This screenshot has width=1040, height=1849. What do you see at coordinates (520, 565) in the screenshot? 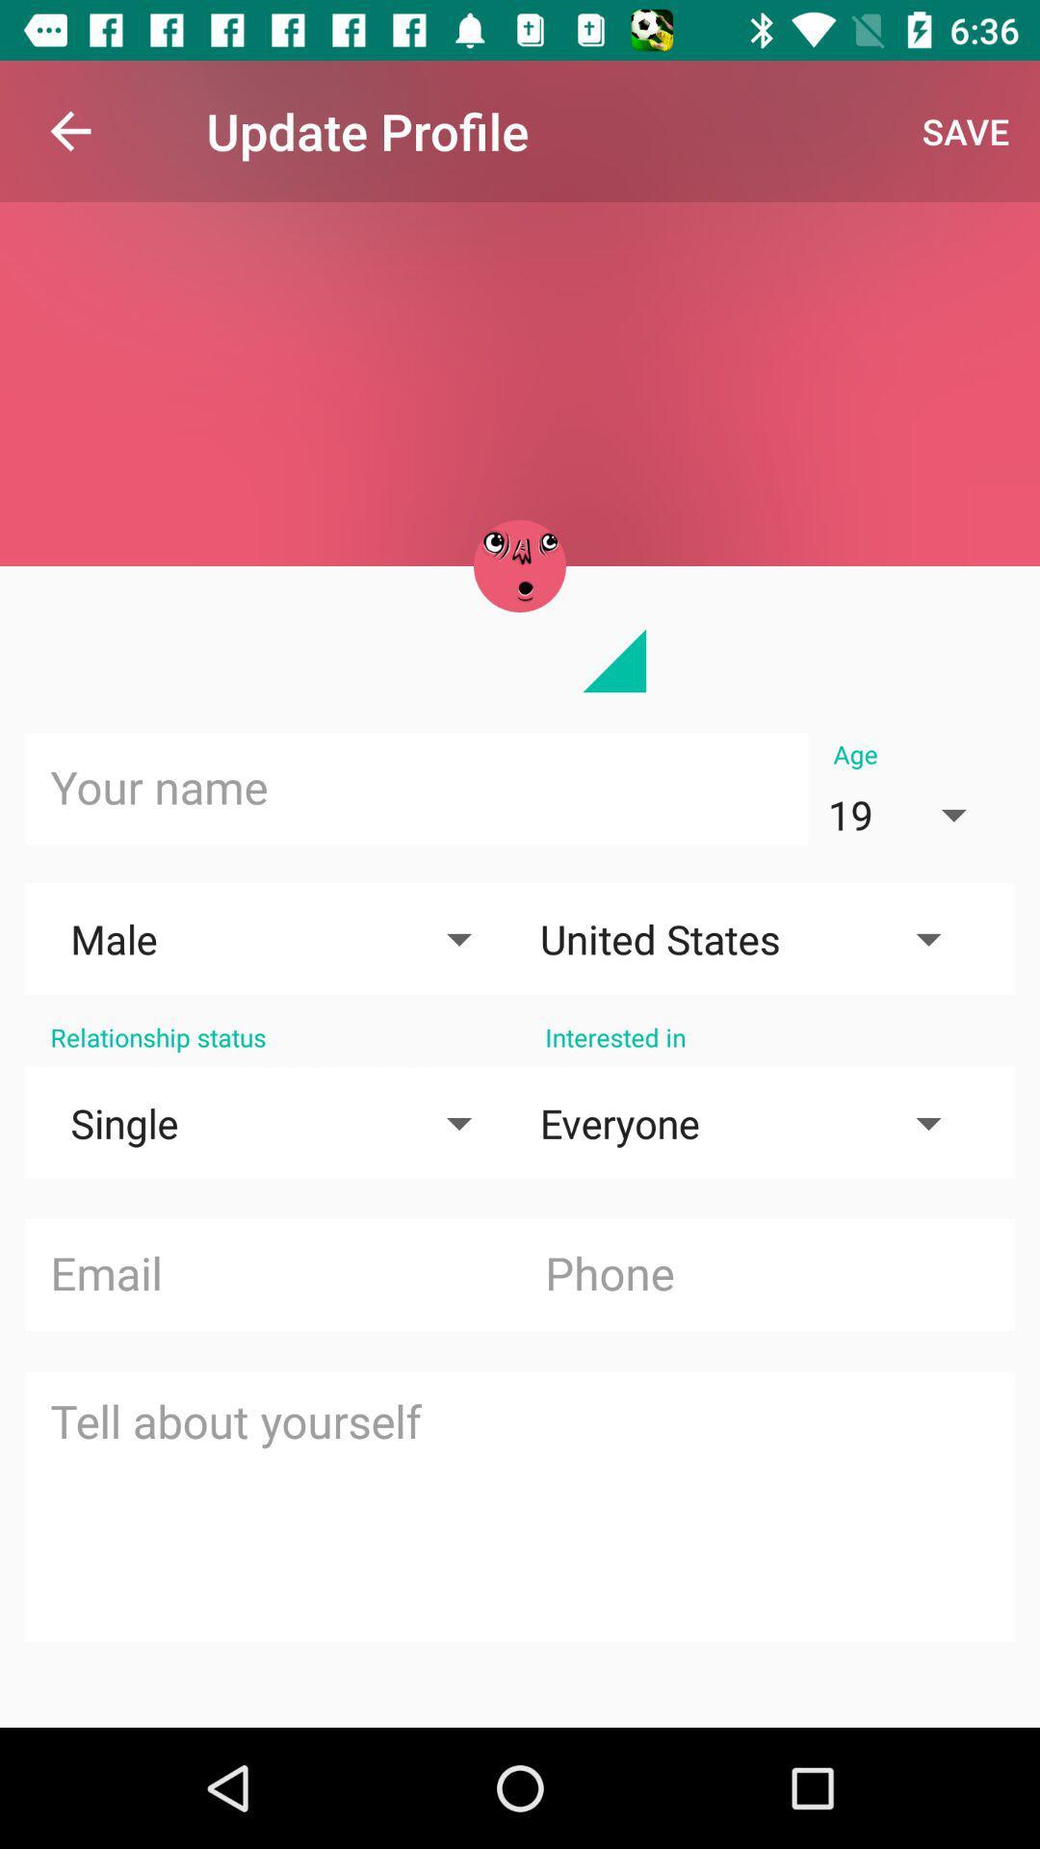
I see `profile image` at bounding box center [520, 565].